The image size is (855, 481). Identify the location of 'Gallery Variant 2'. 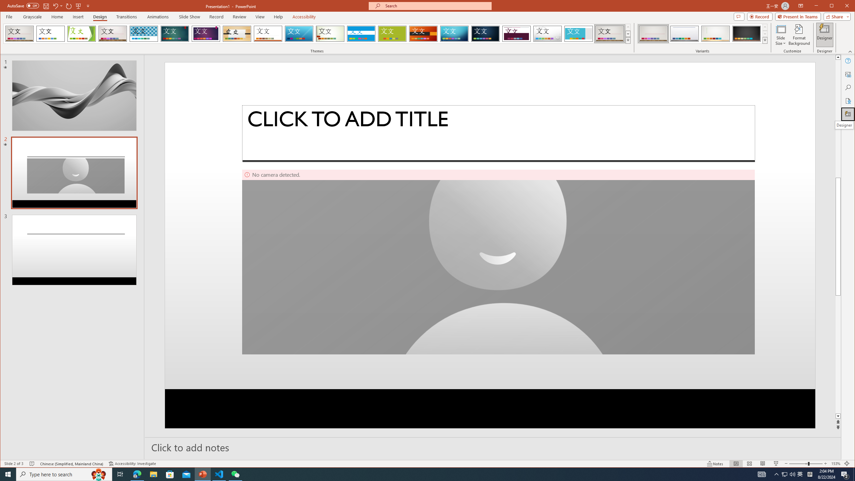
(684, 33).